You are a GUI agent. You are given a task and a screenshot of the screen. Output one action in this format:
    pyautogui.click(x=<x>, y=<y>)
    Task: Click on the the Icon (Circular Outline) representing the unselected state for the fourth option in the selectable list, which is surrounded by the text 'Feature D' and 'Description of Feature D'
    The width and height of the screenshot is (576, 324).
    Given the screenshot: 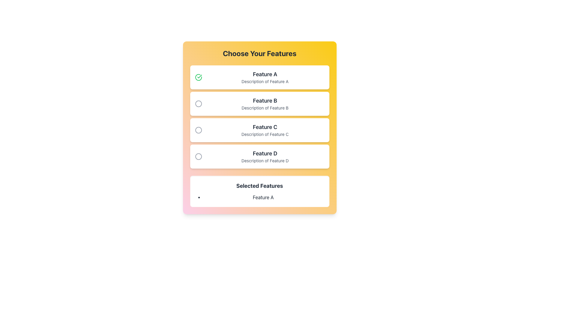 What is the action you would take?
    pyautogui.click(x=198, y=156)
    